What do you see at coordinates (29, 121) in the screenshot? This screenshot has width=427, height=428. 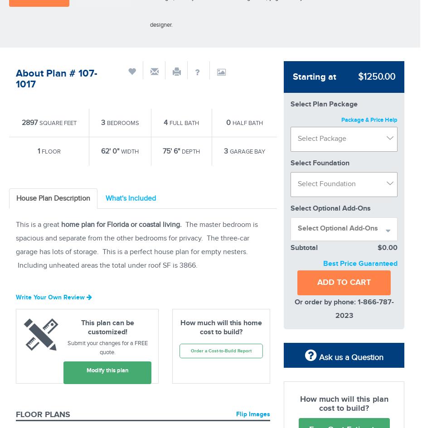 I see `'2897'` at bounding box center [29, 121].